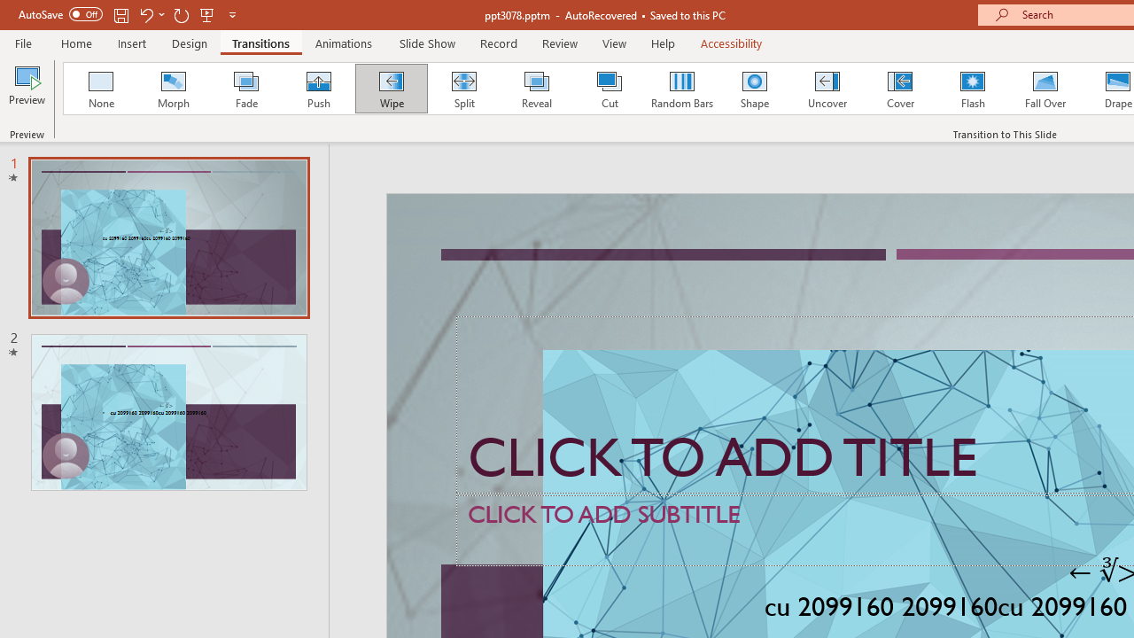 This screenshot has width=1134, height=638. I want to click on 'Split', so click(463, 89).